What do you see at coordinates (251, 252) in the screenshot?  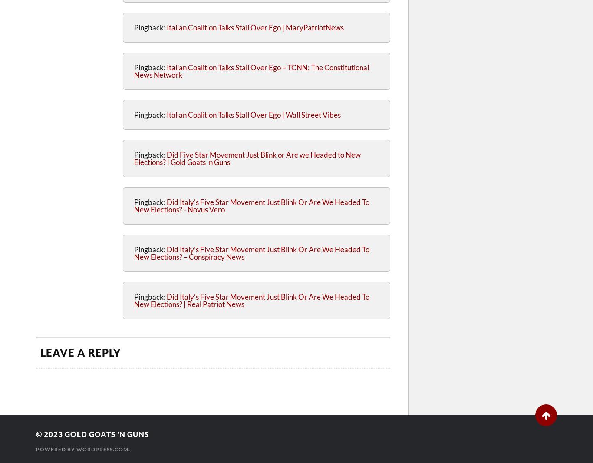 I see `'Did Italy’s Five Star Movement Just Blink Or Are We Headed To New Elections? – Conspiracy News'` at bounding box center [251, 252].